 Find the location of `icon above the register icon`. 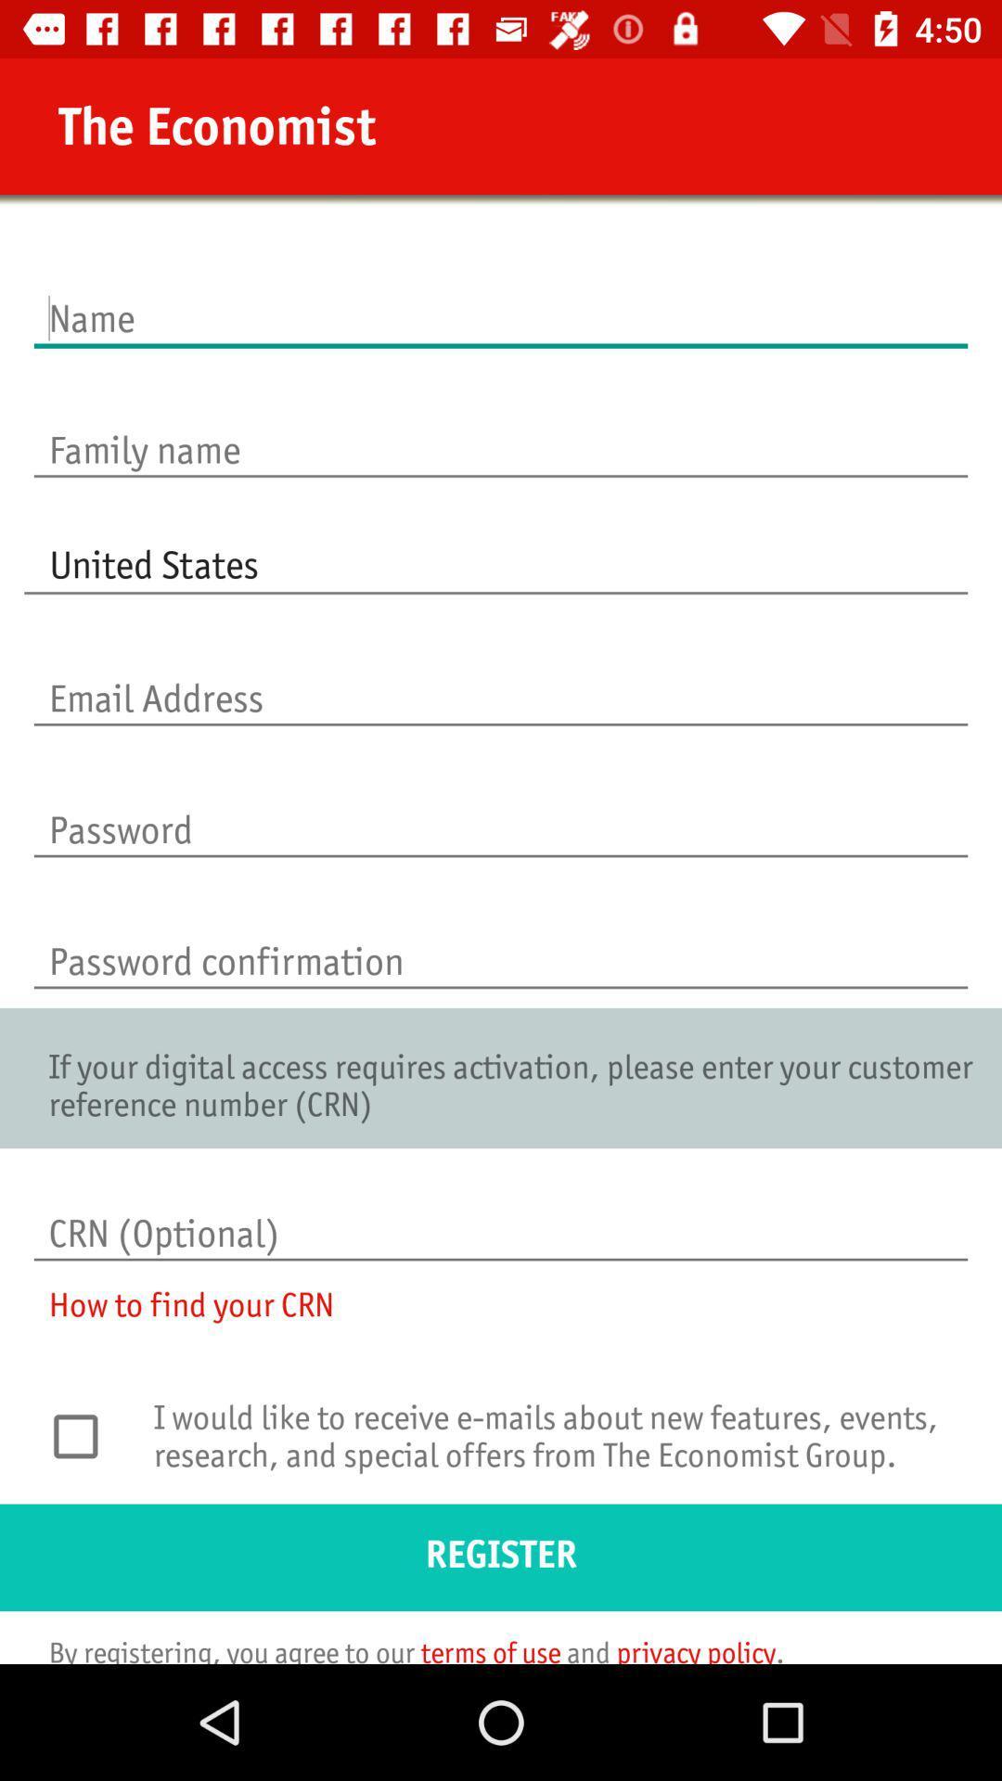

icon above the register icon is located at coordinates (85, 1435).